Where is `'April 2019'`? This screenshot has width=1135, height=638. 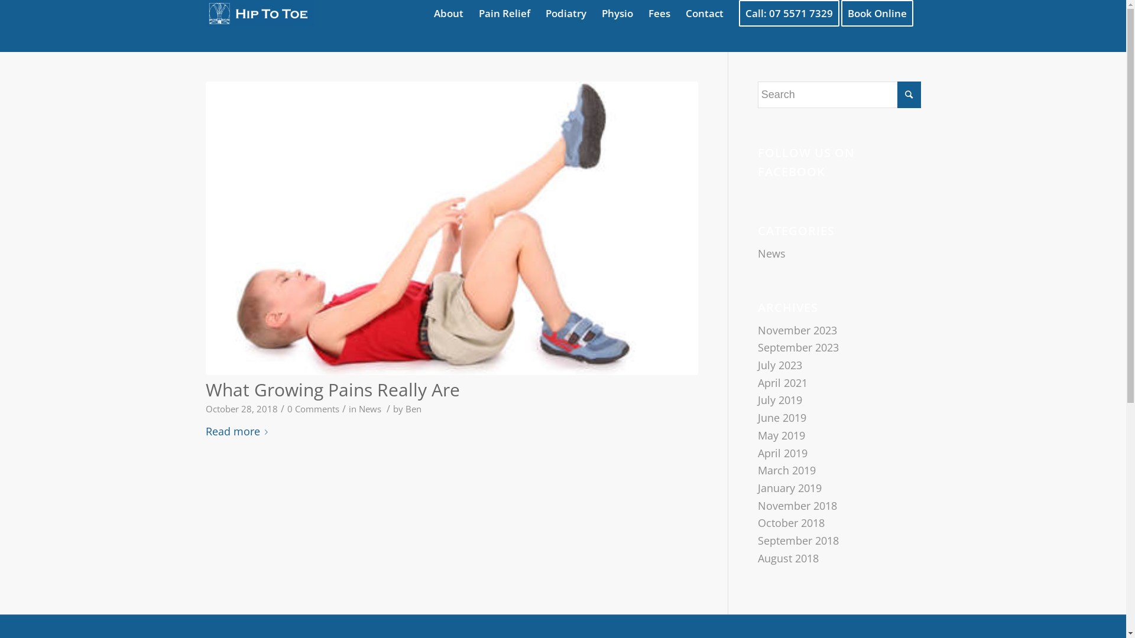 'April 2019' is located at coordinates (783, 452).